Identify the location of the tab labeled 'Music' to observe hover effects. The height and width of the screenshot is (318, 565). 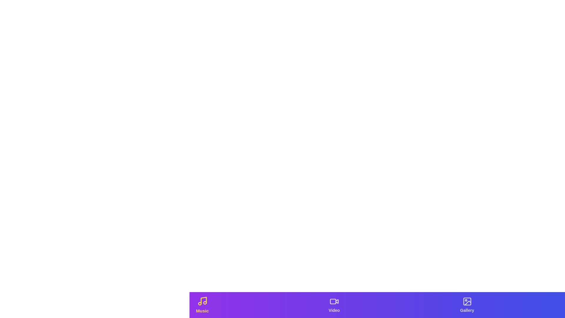
(202, 305).